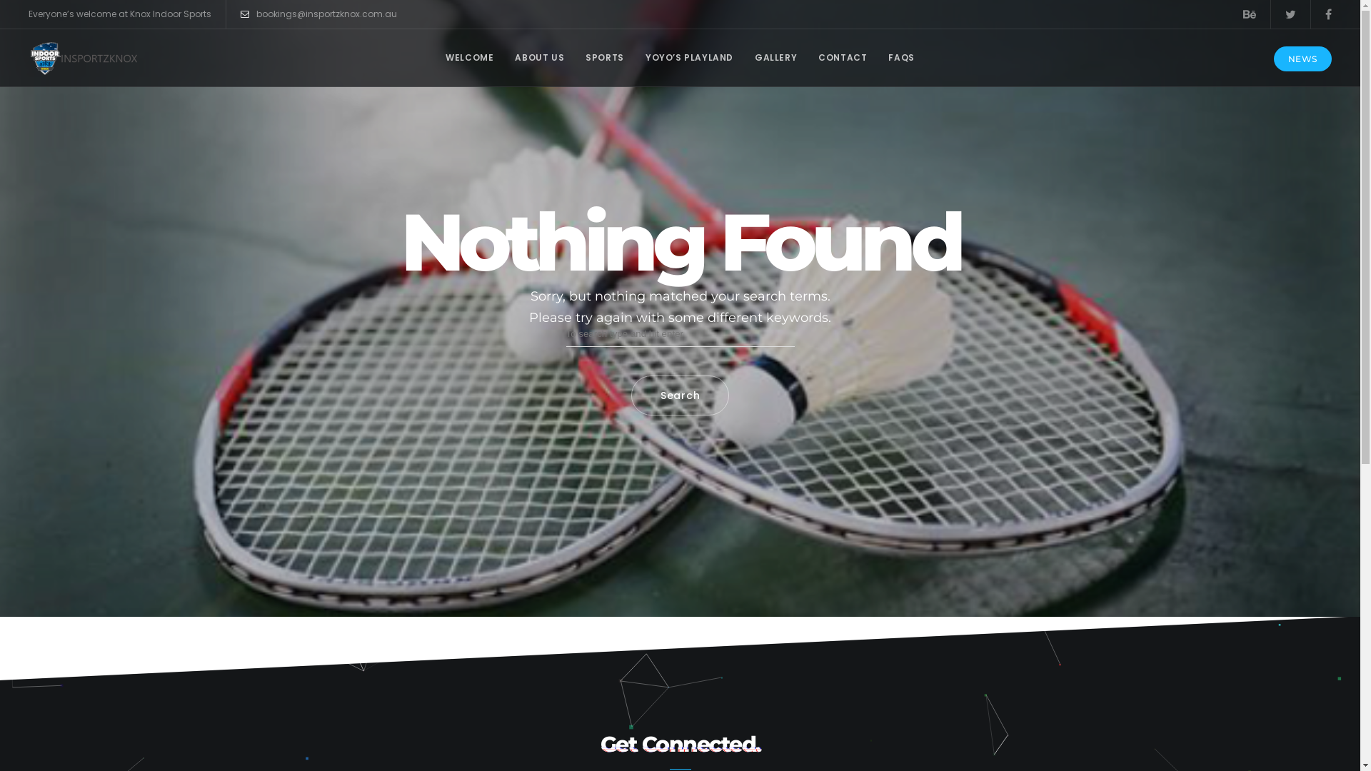  What do you see at coordinates (1302, 58) in the screenshot?
I see `'NEWS'` at bounding box center [1302, 58].